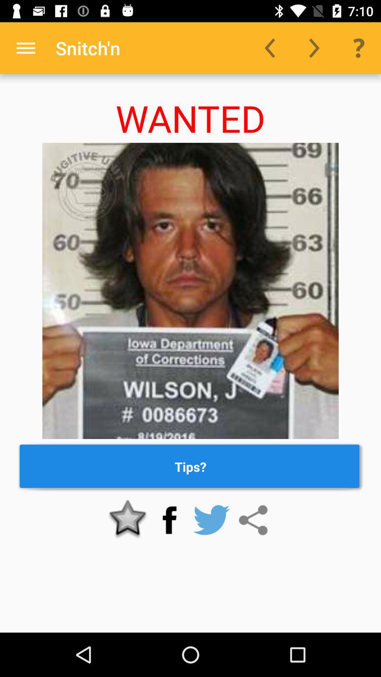 The width and height of the screenshot is (381, 677). Describe the element at coordinates (169, 520) in the screenshot. I see `share on facebook button` at that location.